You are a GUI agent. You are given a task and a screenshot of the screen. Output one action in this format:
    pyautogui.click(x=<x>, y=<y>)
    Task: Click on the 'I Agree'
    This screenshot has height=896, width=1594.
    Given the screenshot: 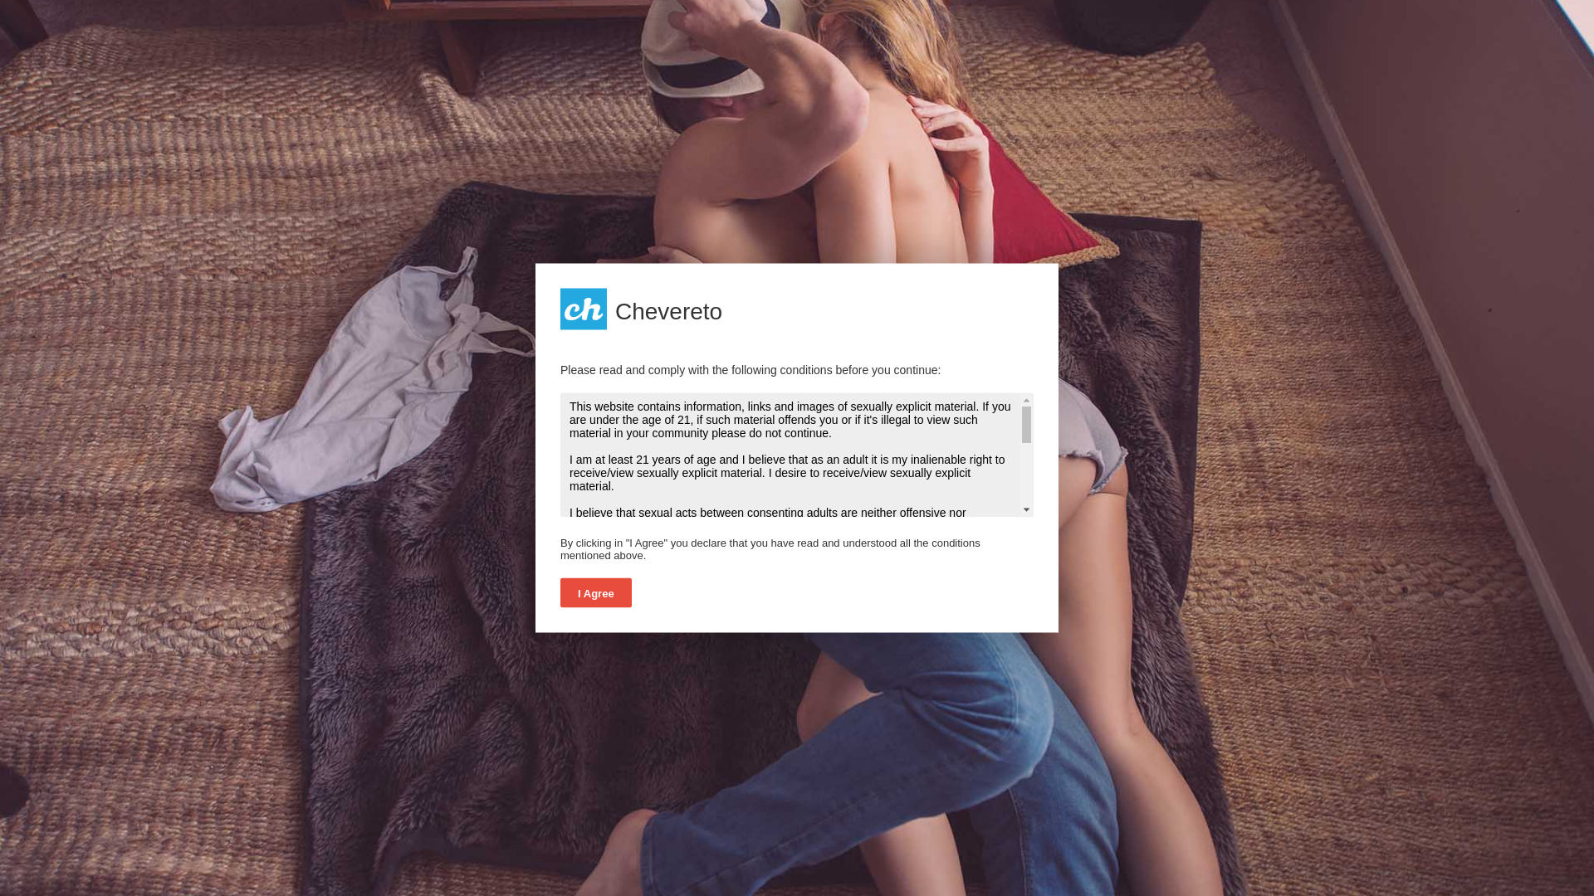 What is the action you would take?
    pyautogui.click(x=596, y=591)
    